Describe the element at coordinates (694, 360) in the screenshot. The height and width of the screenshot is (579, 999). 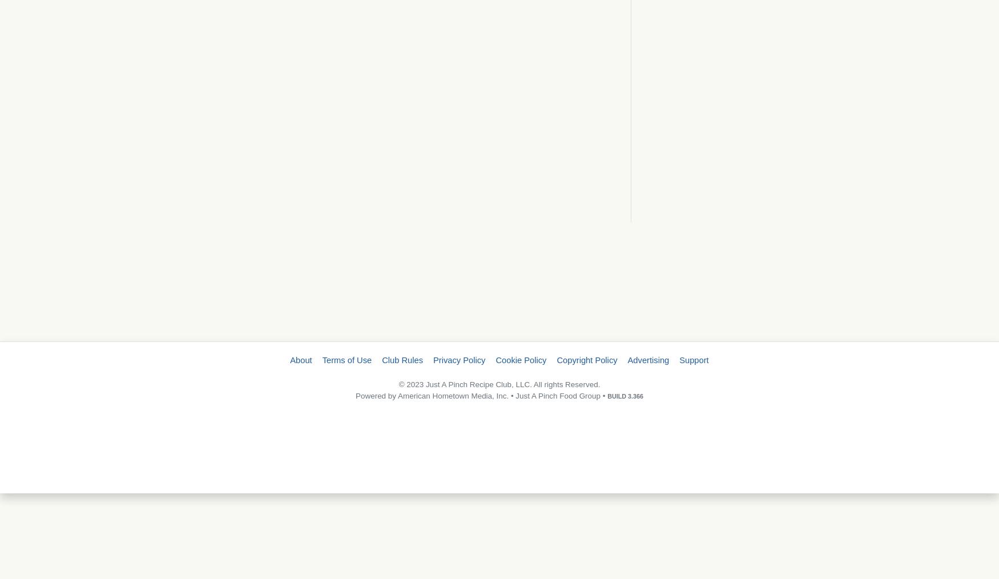
I see `'Support'` at that location.